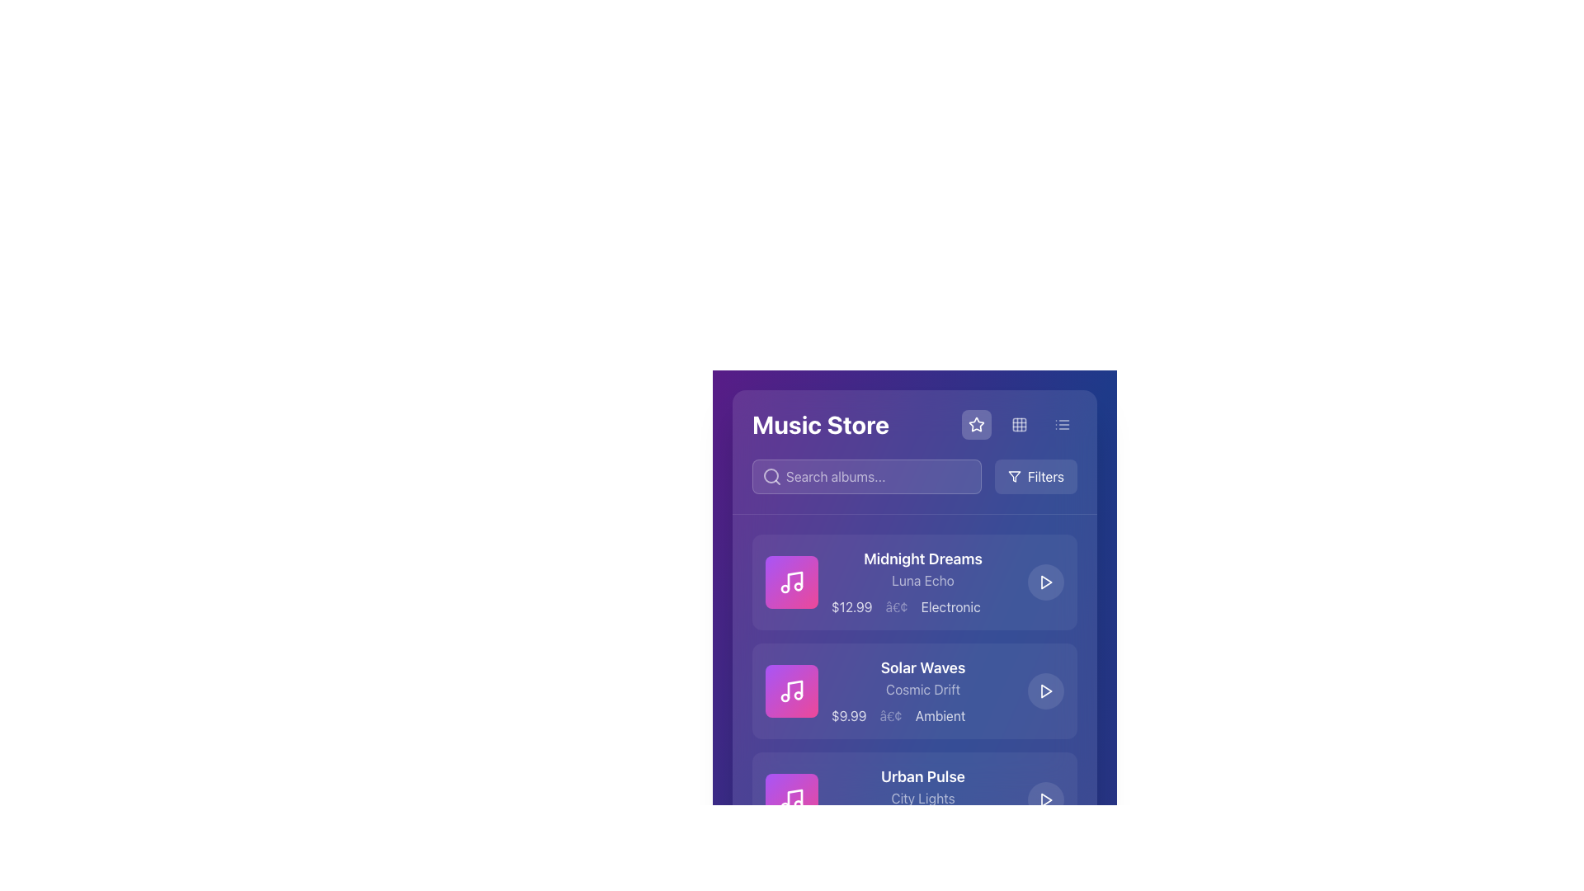 The height and width of the screenshot is (891, 1584). What do you see at coordinates (922, 607) in the screenshot?
I see `text displayed below the album title 'Midnight Dreams Luna Echo', which conveys the price and genre of the album` at bounding box center [922, 607].